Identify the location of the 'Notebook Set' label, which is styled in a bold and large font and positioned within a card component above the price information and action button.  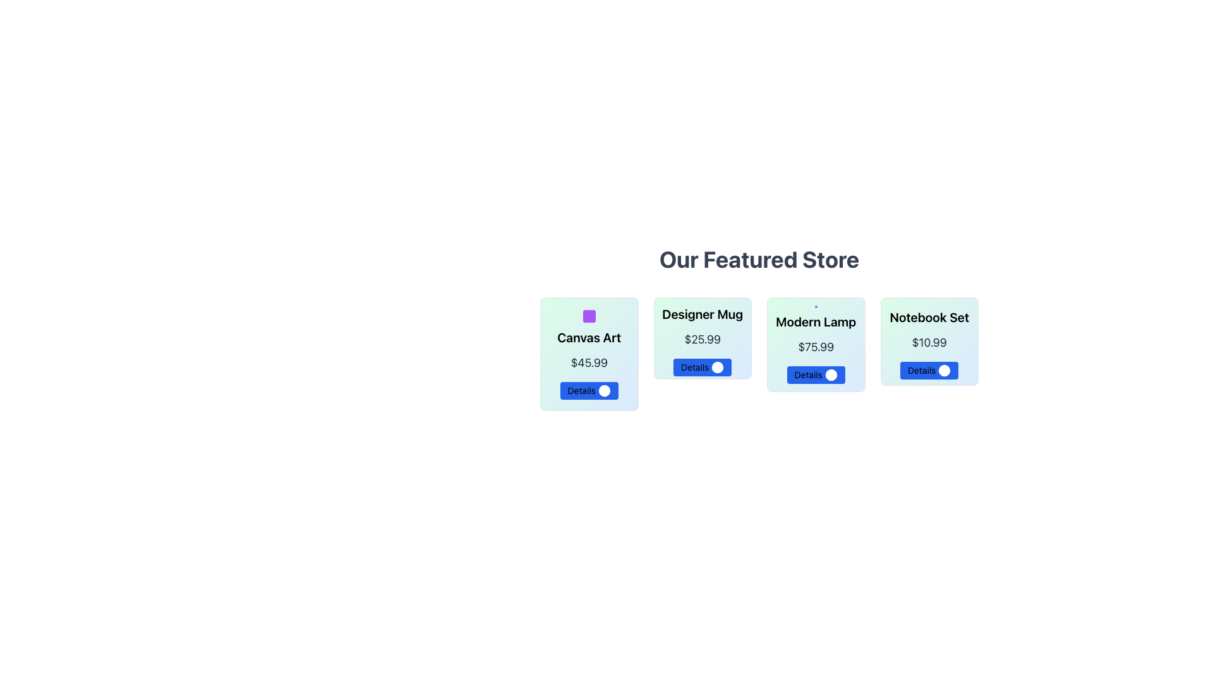
(929, 316).